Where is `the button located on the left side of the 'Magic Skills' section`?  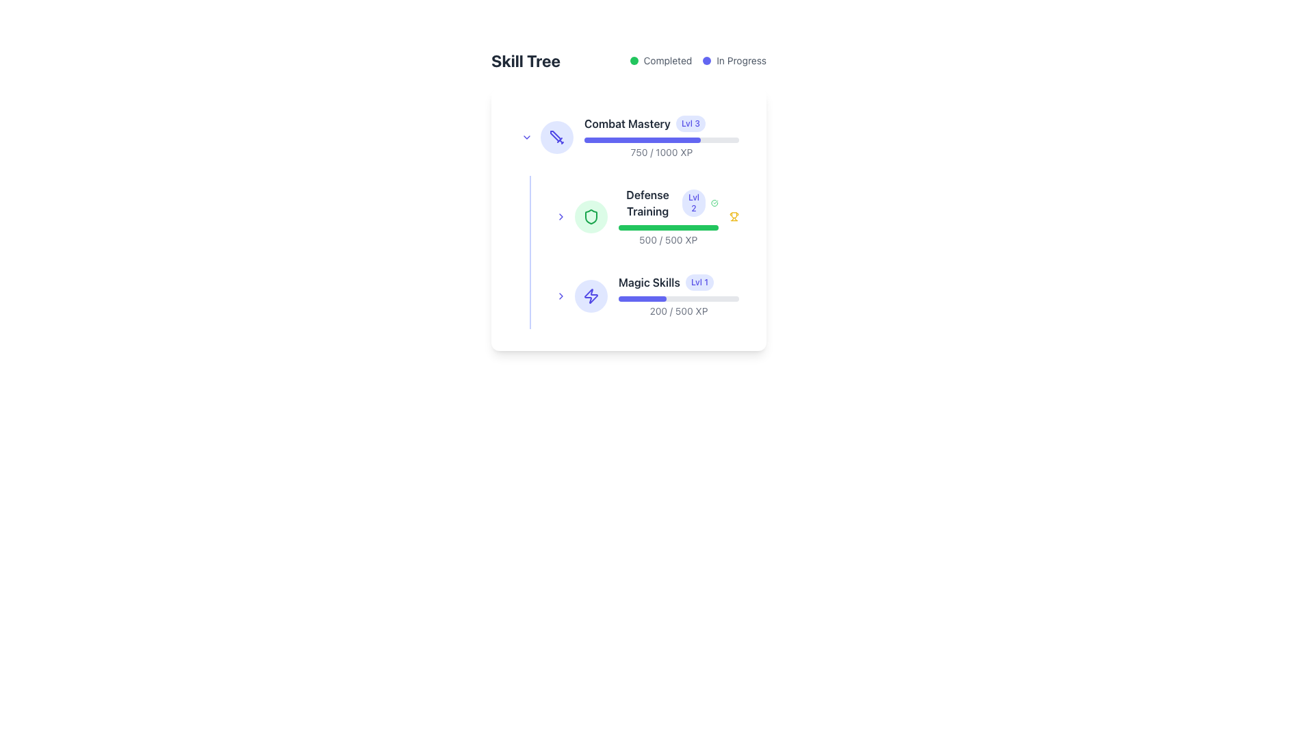
the button located on the left side of the 'Magic Skills' section is located at coordinates (561, 295).